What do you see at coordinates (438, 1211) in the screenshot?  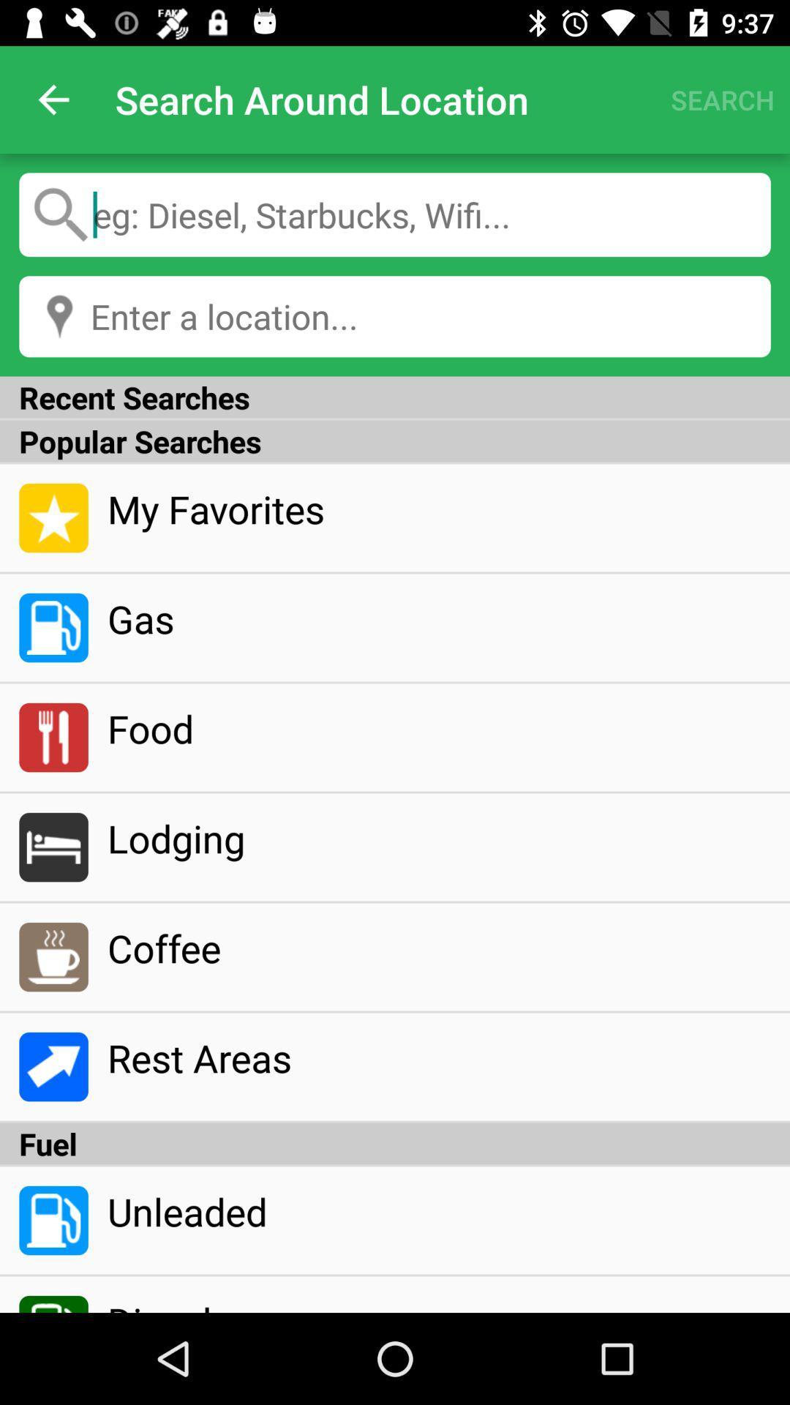 I see `the unleaded` at bounding box center [438, 1211].